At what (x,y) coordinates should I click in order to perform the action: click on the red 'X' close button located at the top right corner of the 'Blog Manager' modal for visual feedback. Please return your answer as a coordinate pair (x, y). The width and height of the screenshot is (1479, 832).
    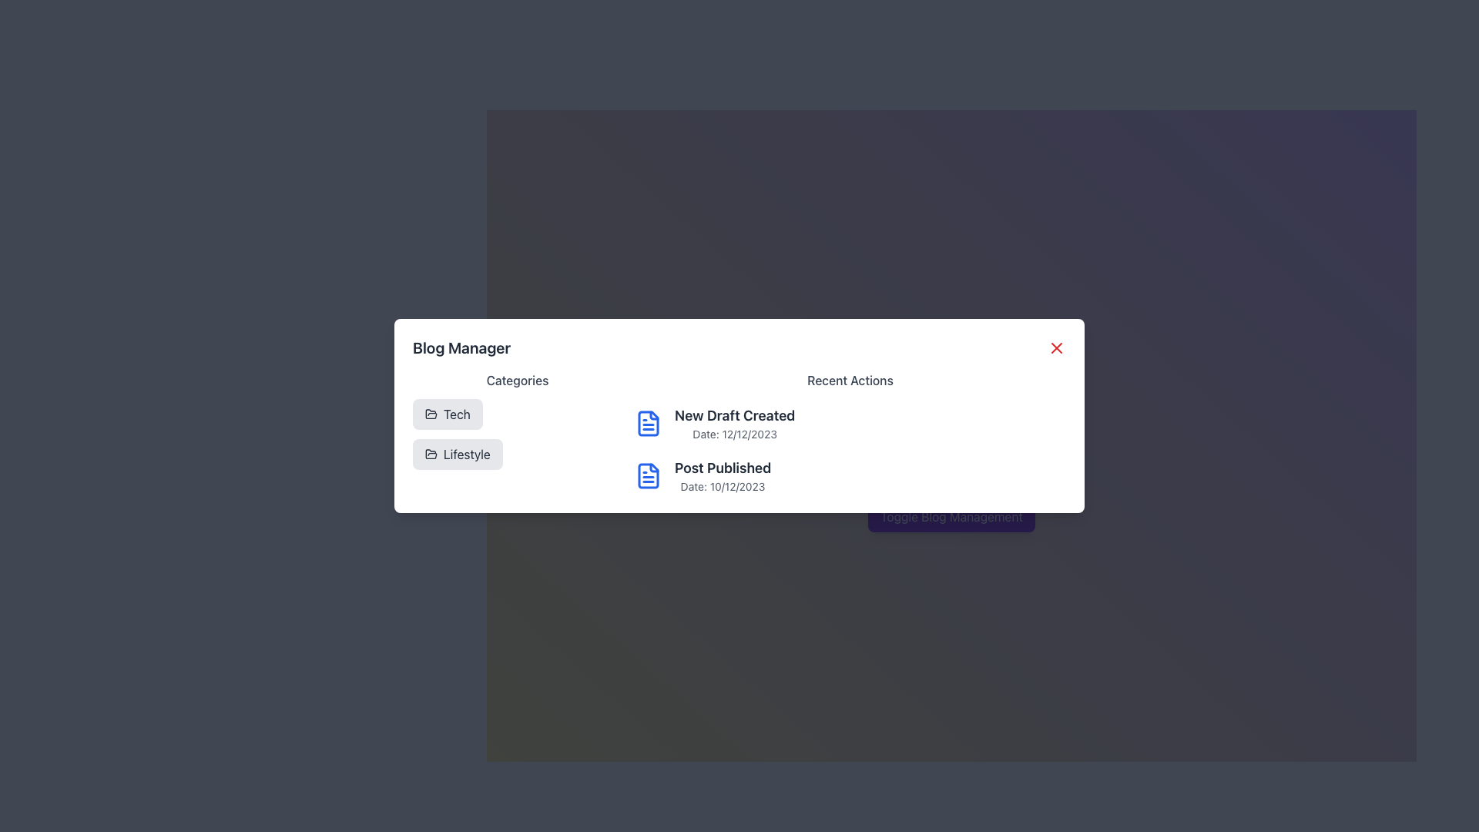
    Looking at the image, I should click on (1056, 347).